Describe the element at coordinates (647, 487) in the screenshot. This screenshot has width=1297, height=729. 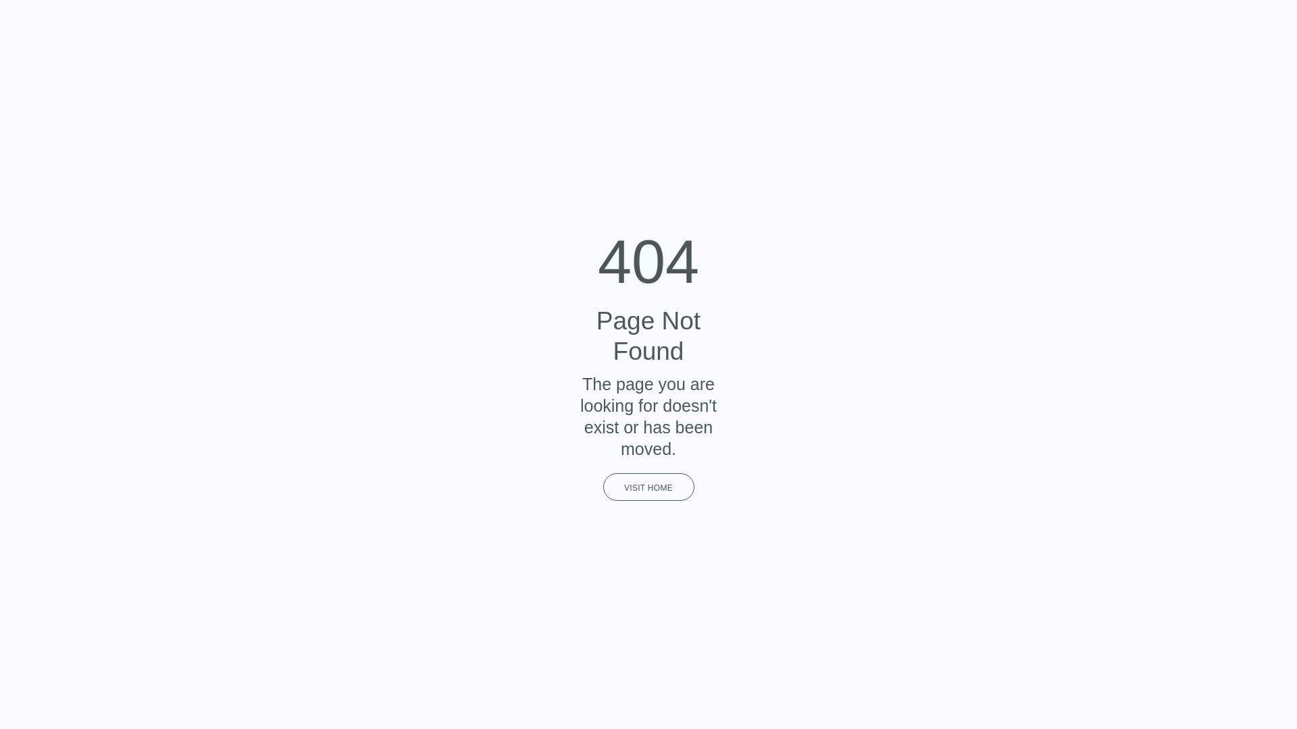
I see `'VISIT HOME'` at that location.